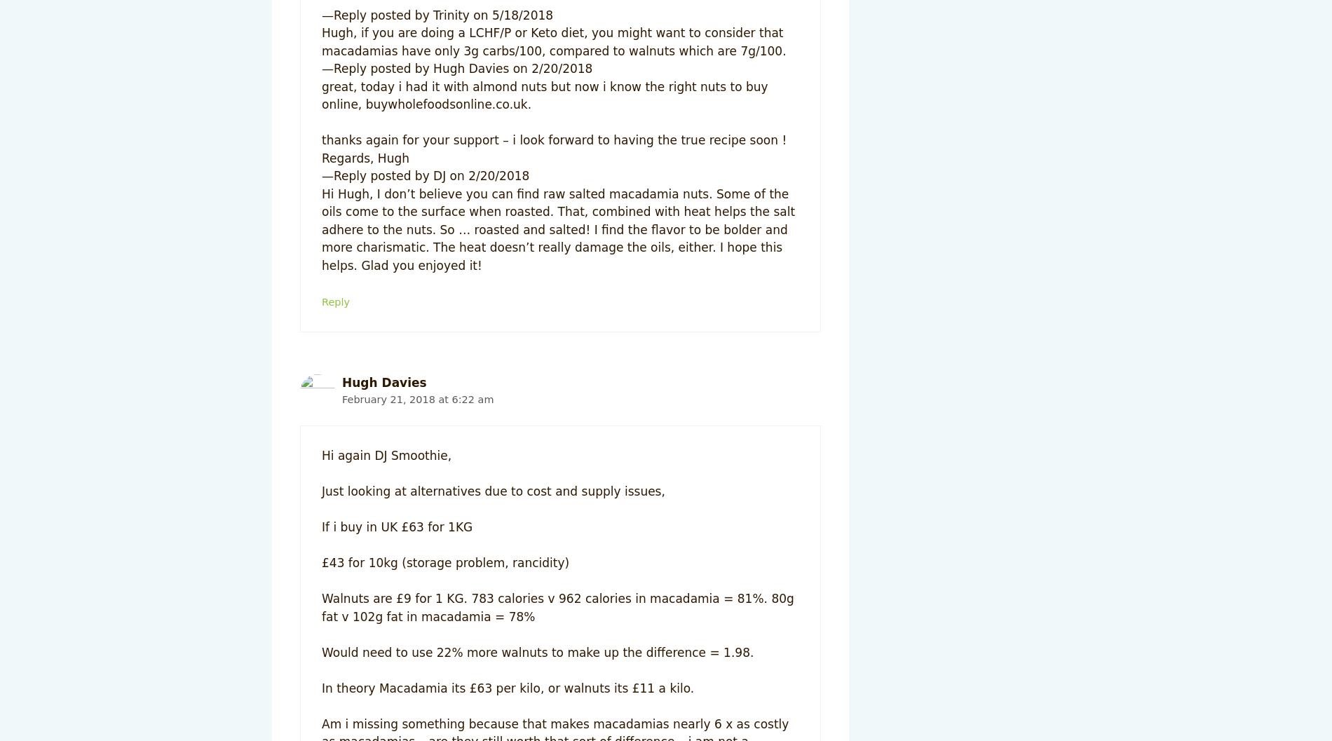 This screenshot has height=741, width=1332. I want to click on 'Hugh Davies', so click(383, 382).